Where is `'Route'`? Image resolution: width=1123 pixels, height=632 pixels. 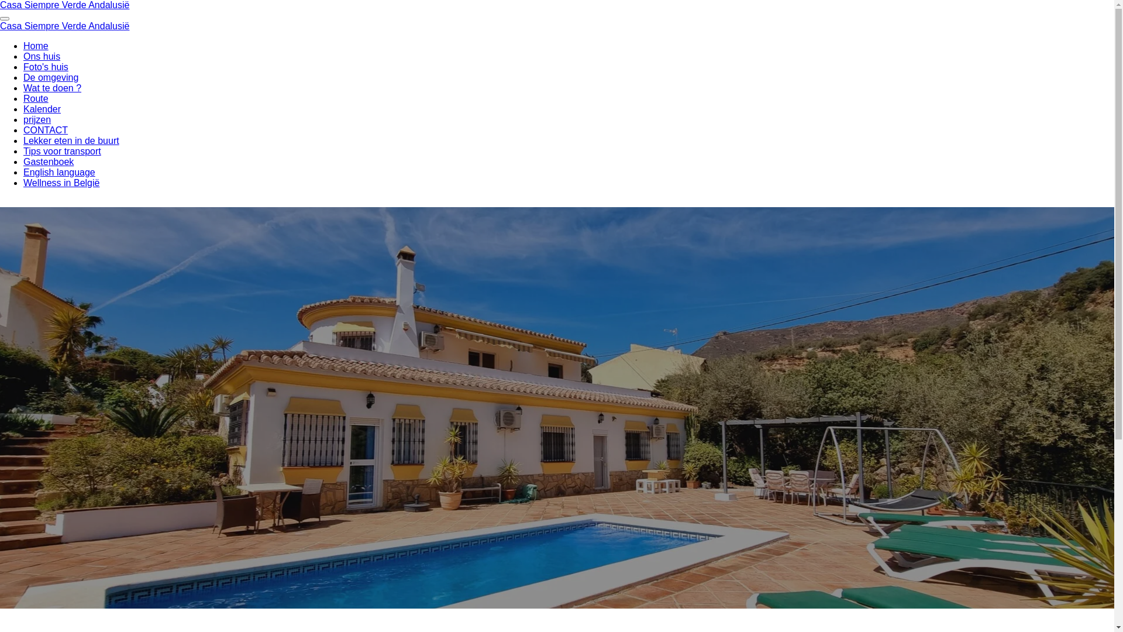 'Route' is located at coordinates (36, 98).